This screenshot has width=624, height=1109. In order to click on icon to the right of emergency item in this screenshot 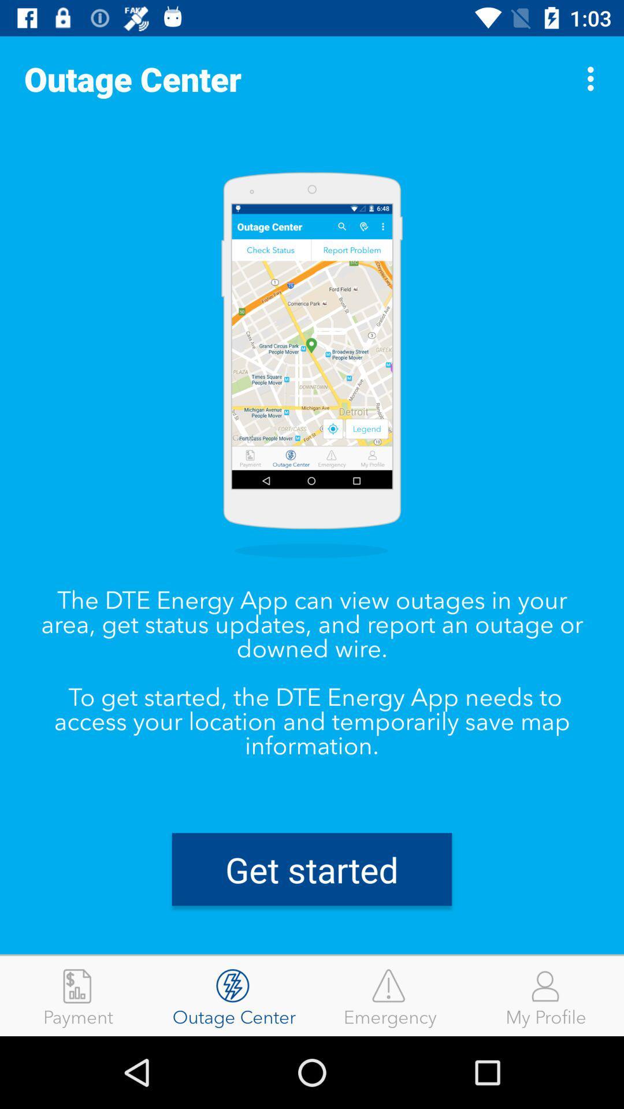, I will do `click(546, 995)`.